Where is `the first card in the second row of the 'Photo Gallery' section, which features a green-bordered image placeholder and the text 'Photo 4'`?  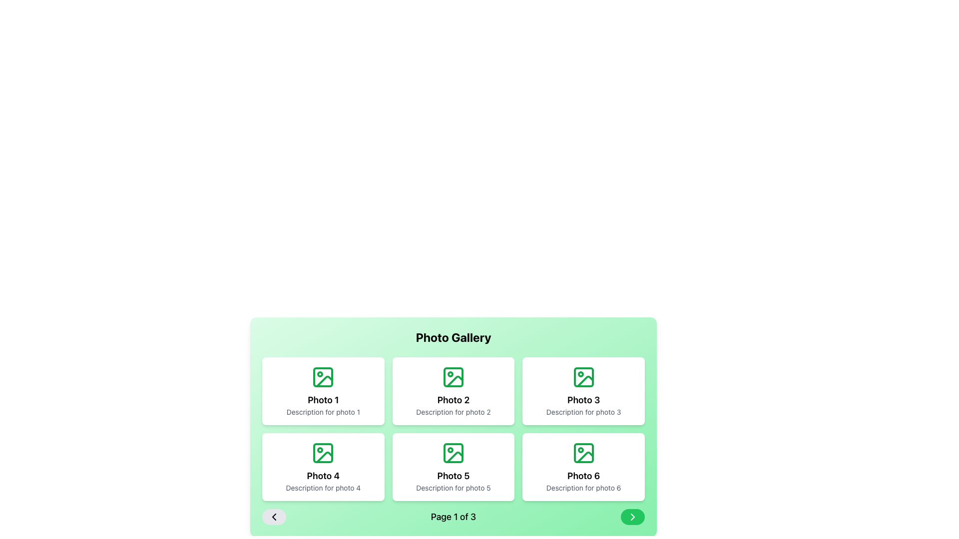
the first card in the second row of the 'Photo Gallery' section, which features a green-bordered image placeholder and the text 'Photo 4' is located at coordinates (323, 467).